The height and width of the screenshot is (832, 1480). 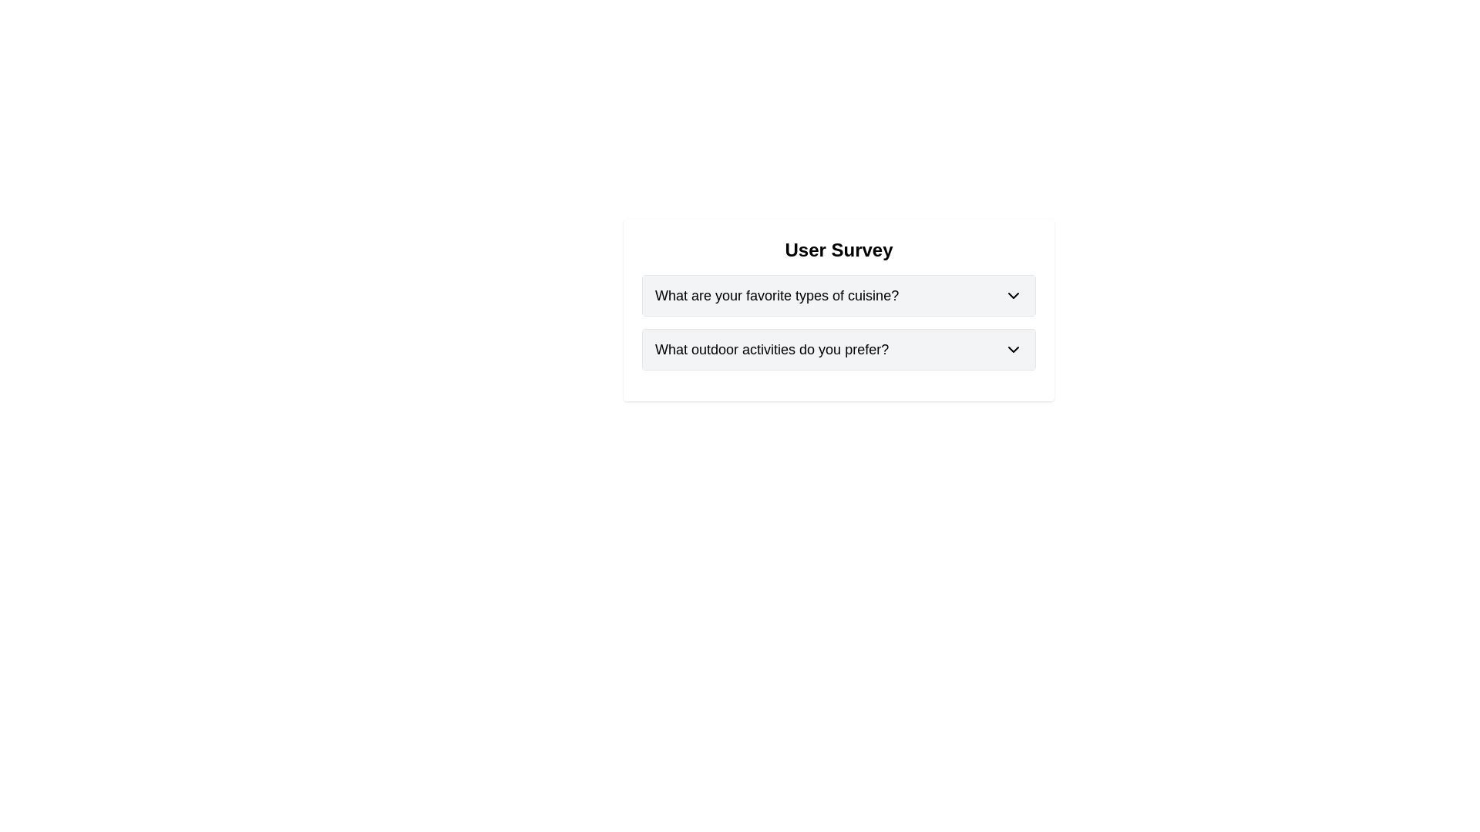 I want to click on the downward-pointing chevron icon next to the question 'What outdoor activities do you prefer?', so click(x=1014, y=350).